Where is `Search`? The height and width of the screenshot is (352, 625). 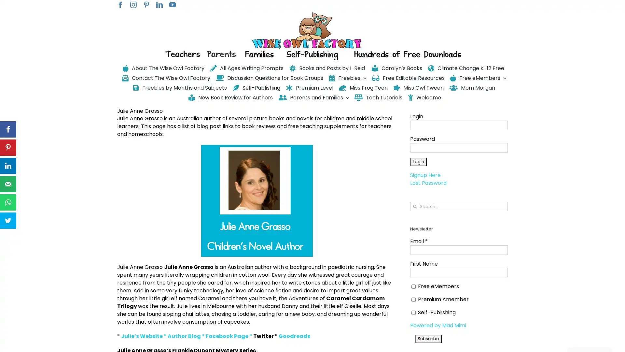
Search is located at coordinates (414, 206).